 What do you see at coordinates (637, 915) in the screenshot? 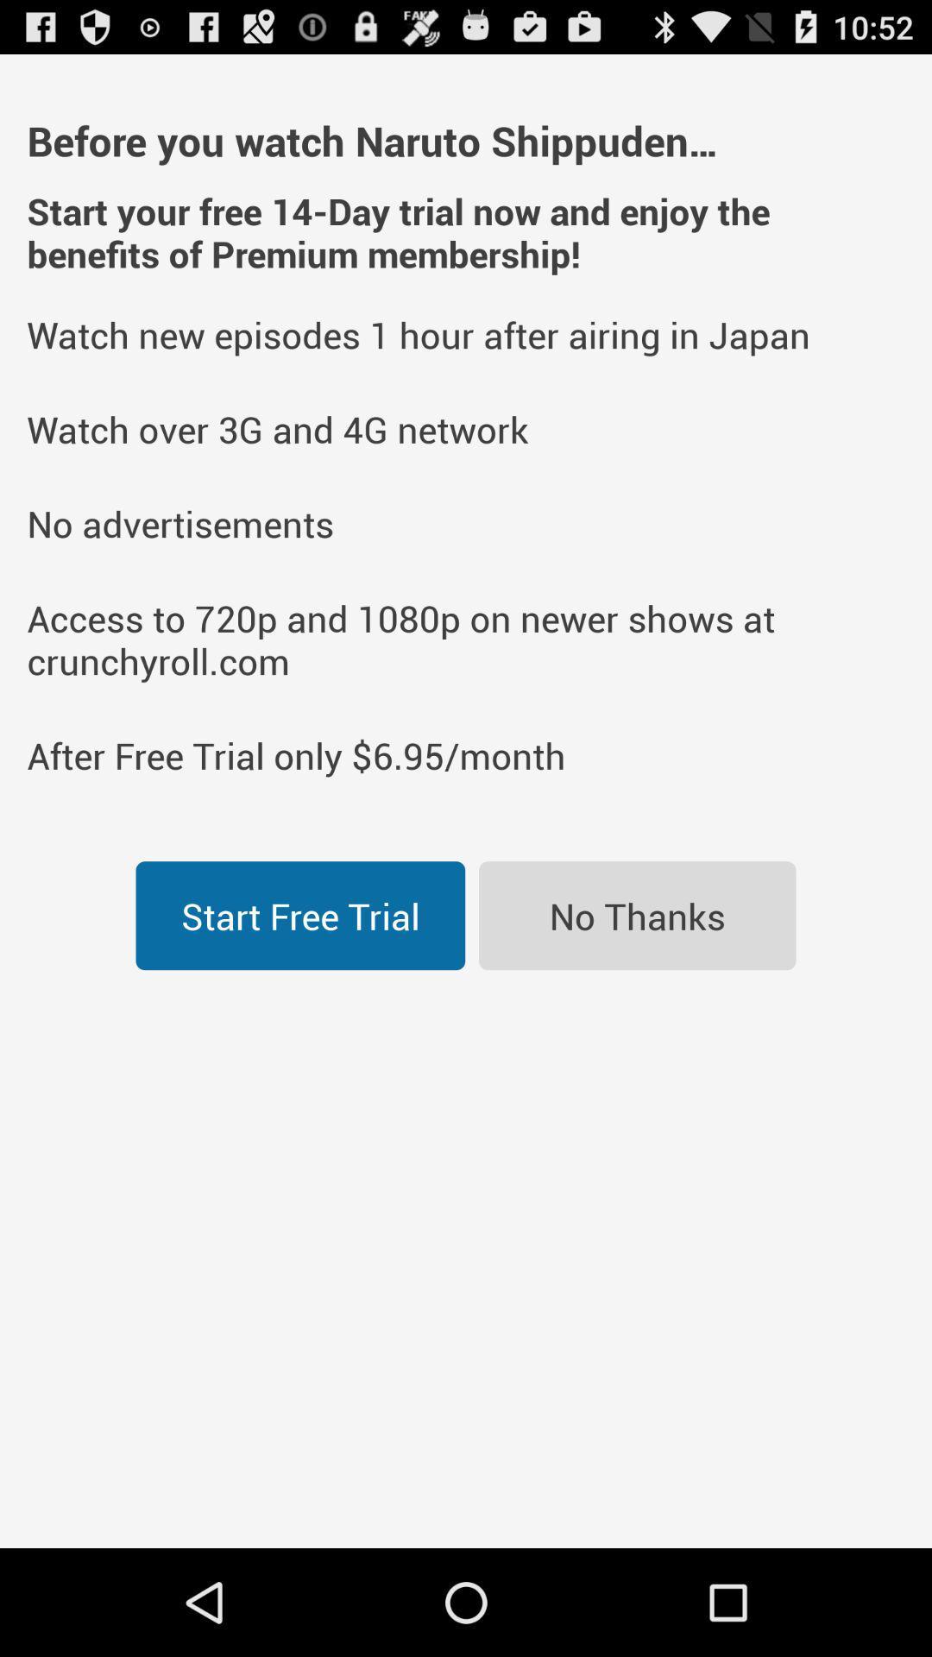
I see `no thanks on the right` at bounding box center [637, 915].